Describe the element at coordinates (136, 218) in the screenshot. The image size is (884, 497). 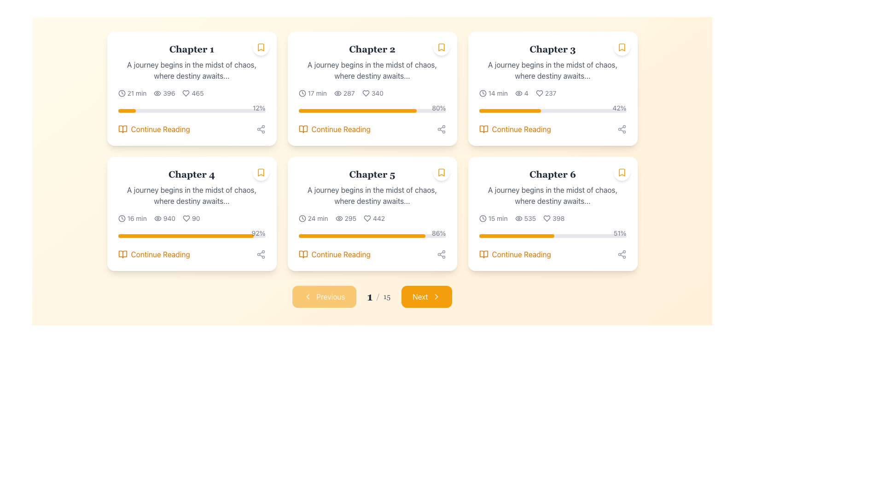
I see `the text label displaying '16 min' located within the Chapter 4 card, adjacent to the clock icon` at that location.